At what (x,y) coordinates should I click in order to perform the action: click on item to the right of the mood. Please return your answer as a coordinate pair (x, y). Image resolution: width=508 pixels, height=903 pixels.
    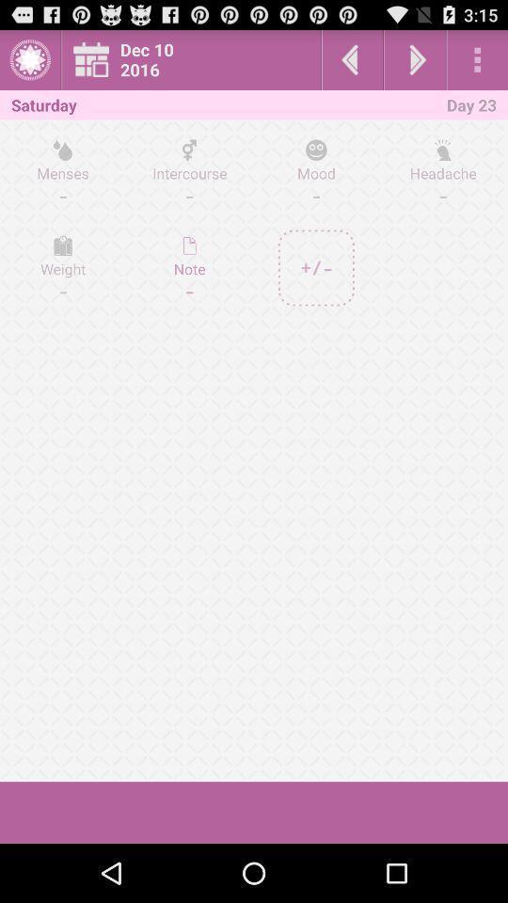
    Looking at the image, I should click on (442, 172).